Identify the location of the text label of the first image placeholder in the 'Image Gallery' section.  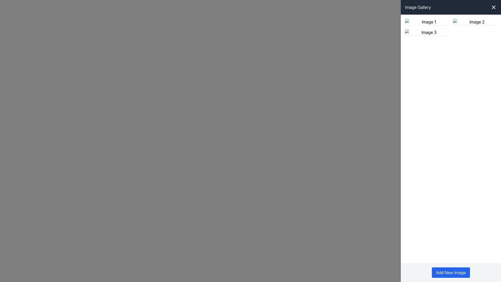
(427, 22).